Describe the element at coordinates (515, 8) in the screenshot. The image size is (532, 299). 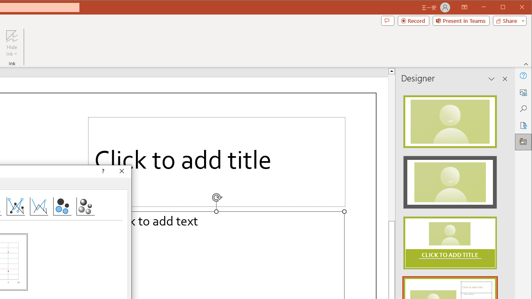
I see `'Maximize'` at that location.